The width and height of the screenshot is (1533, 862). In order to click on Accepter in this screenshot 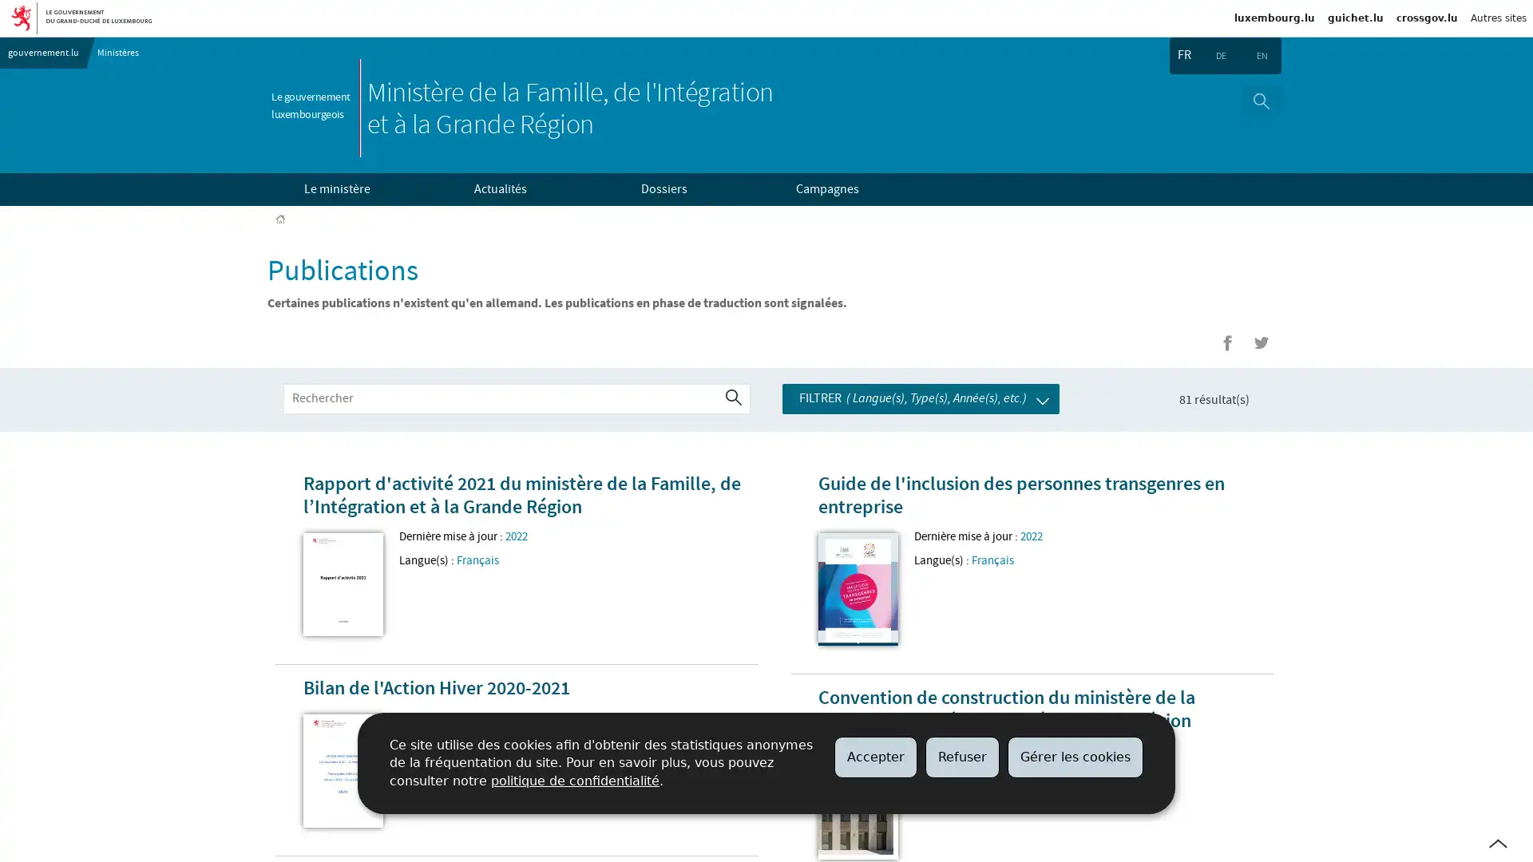, I will do `click(875, 756)`.